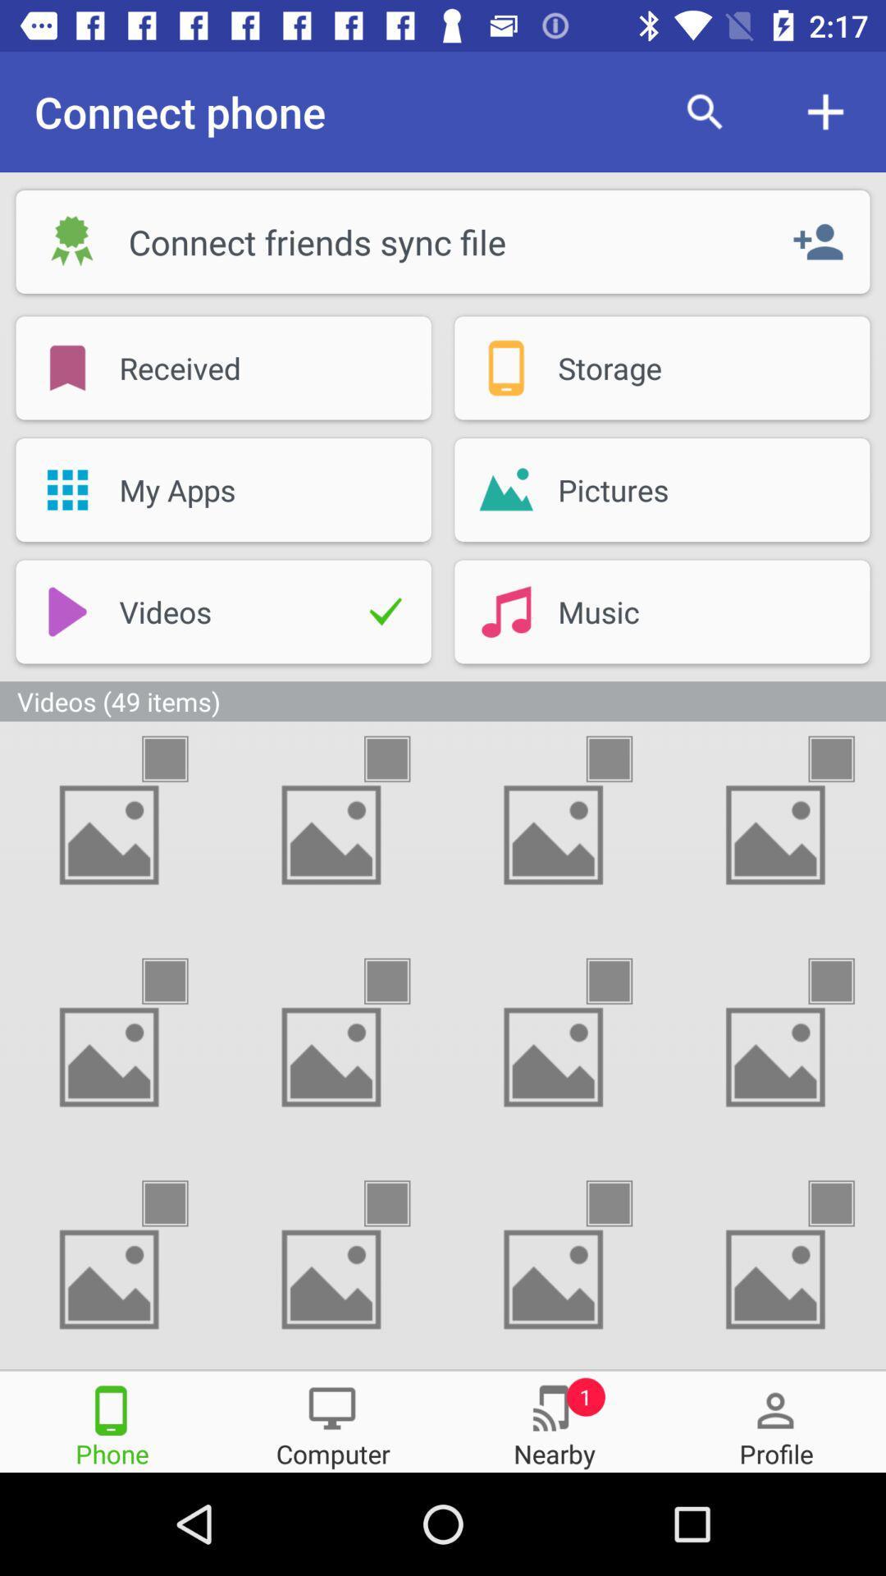 This screenshot has width=886, height=1576. Describe the element at coordinates (623, 981) in the screenshot. I see `the video` at that location.